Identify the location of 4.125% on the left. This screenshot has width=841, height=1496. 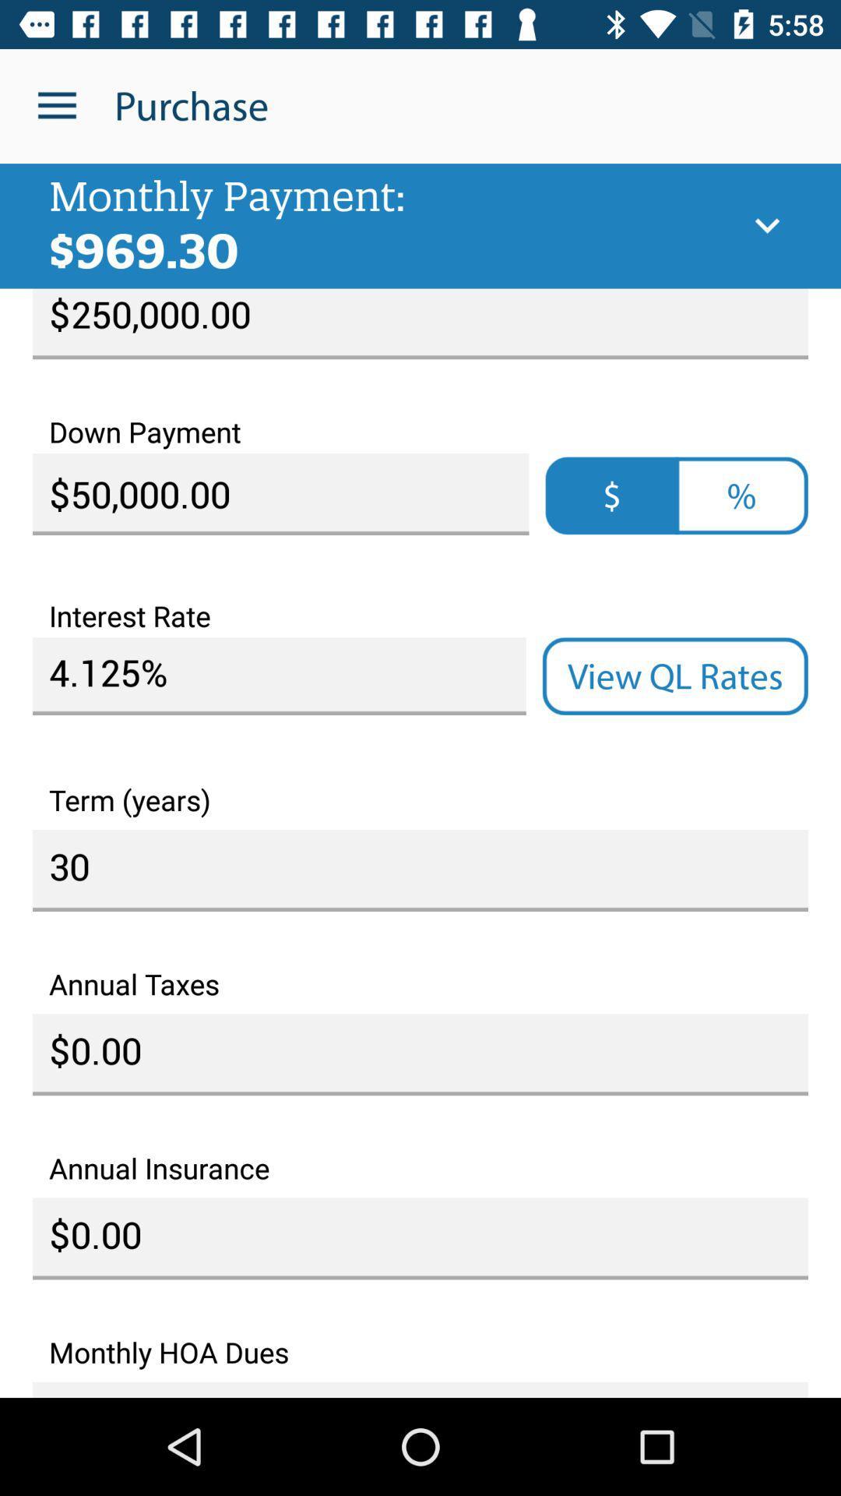
(278, 676).